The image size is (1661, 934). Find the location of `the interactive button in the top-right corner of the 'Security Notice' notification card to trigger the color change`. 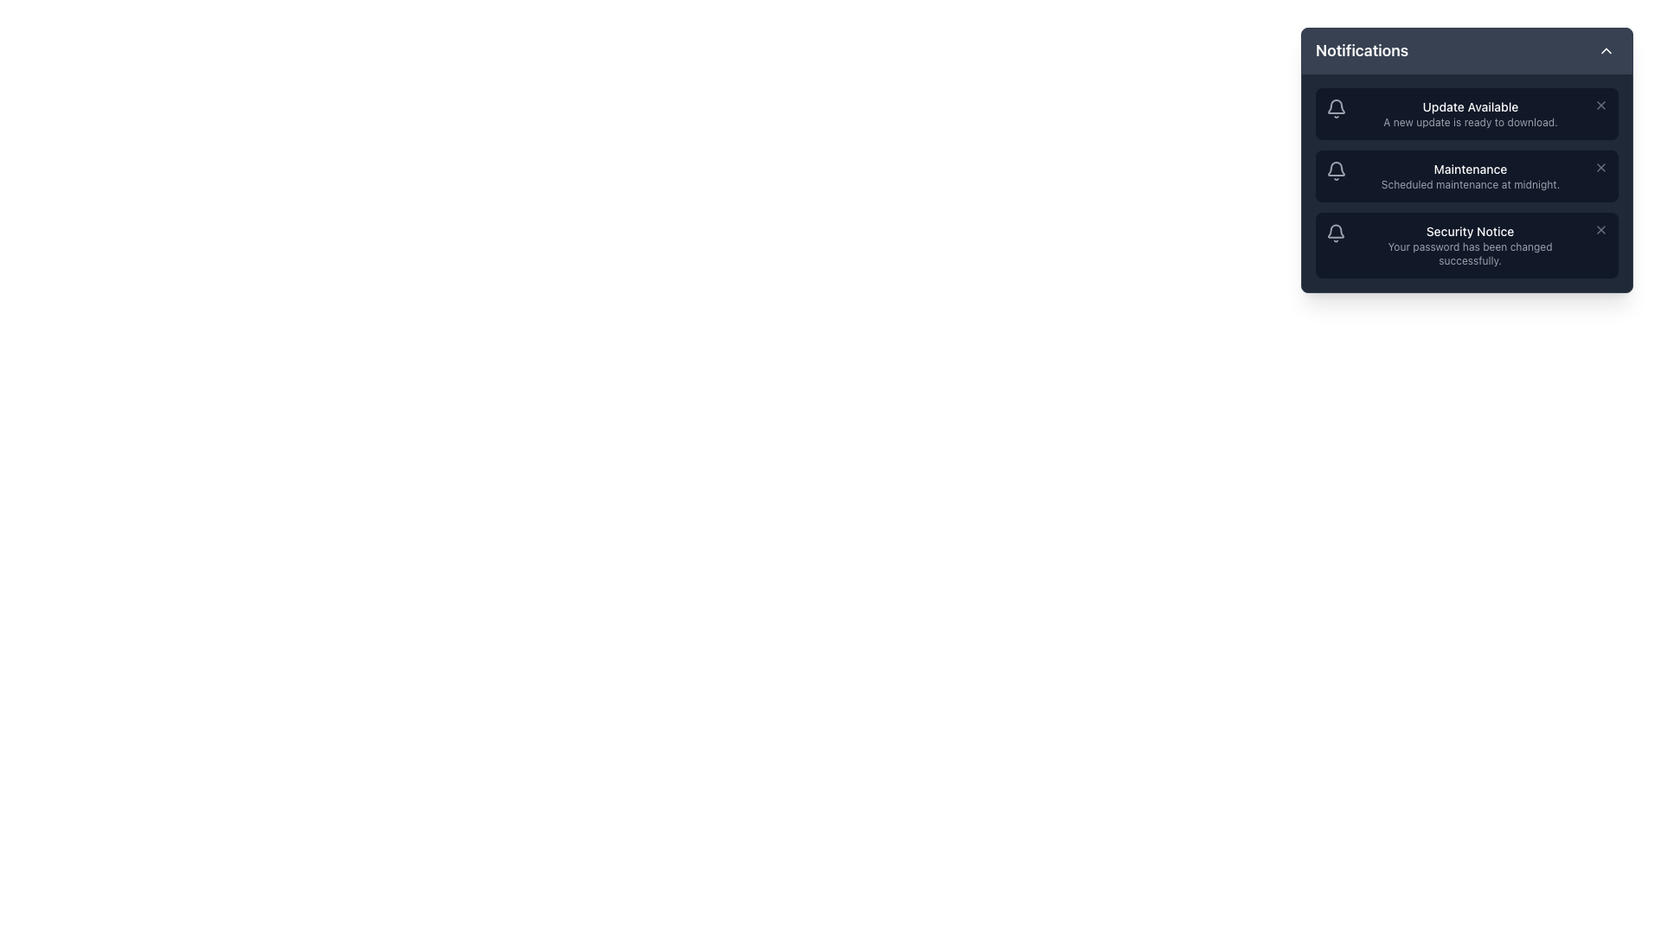

the interactive button in the top-right corner of the 'Security Notice' notification card to trigger the color change is located at coordinates (1600, 229).